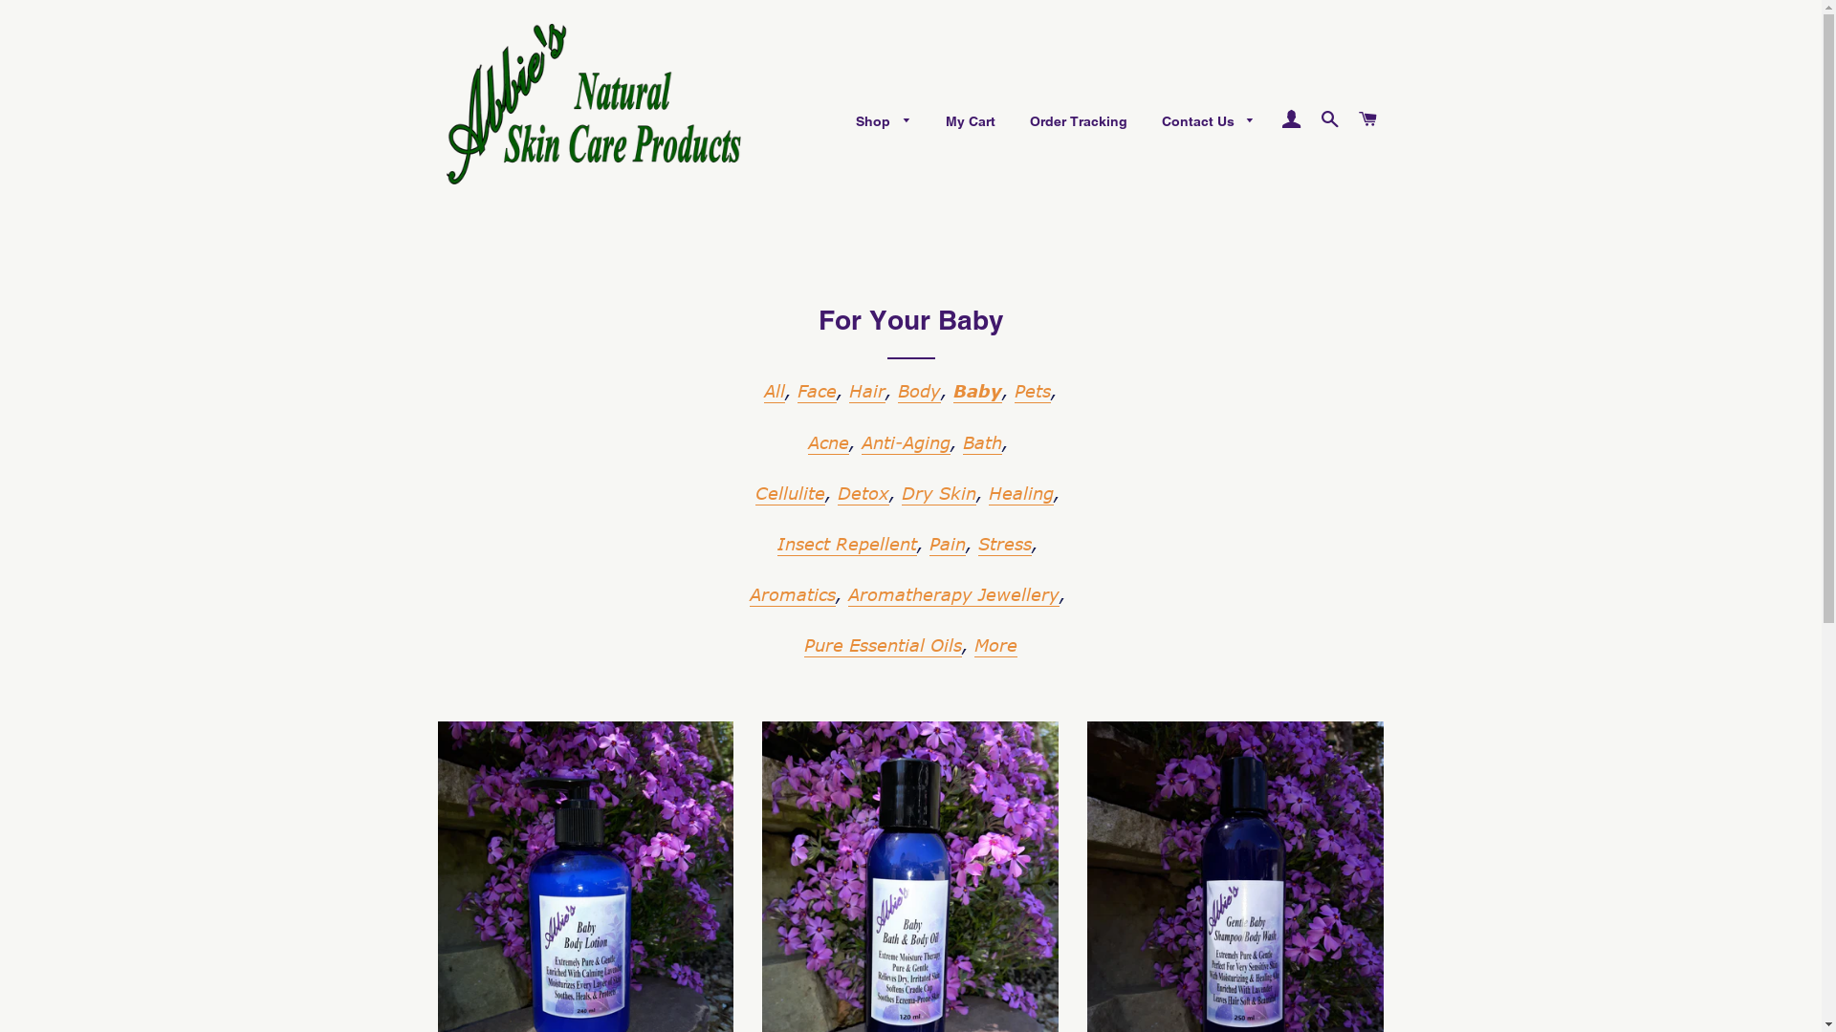 Image resolution: width=1836 pixels, height=1032 pixels. I want to click on 'Pure Essential Oils', so click(882, 645).